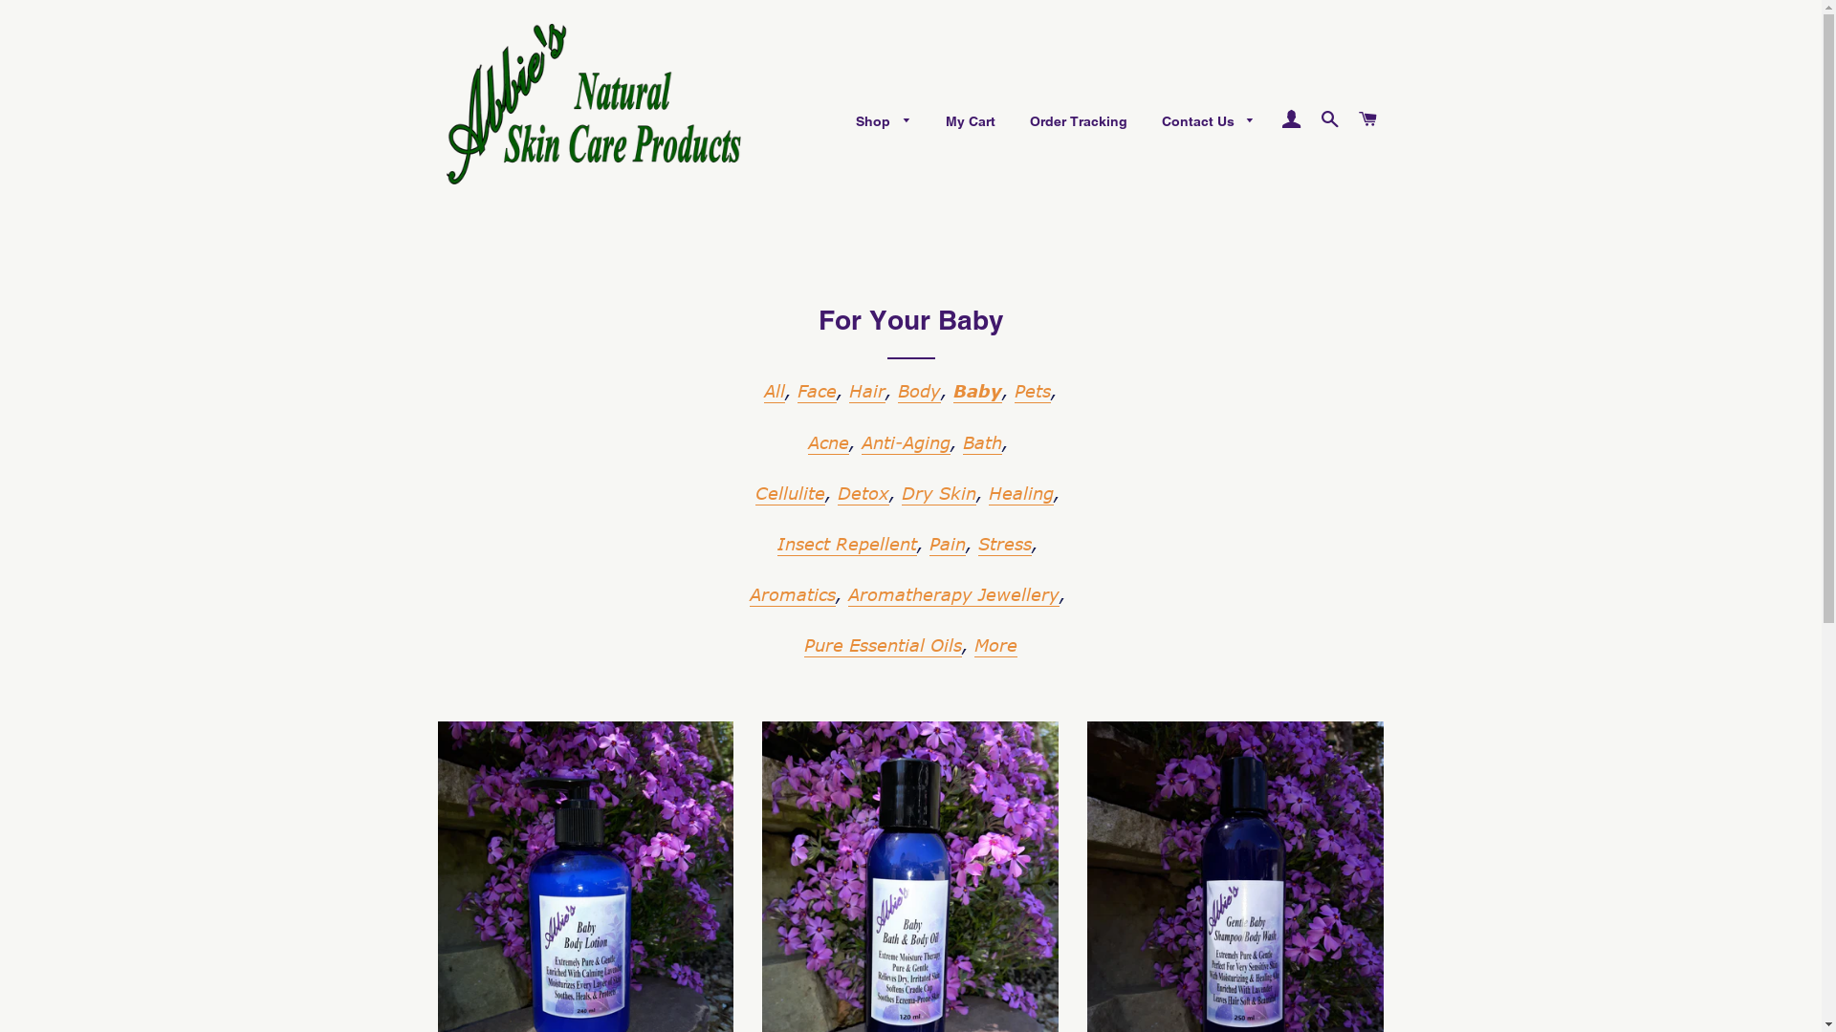 Image resolution: width=1836 pixels, height=1032 pixels. I want to click on 'Pure Essential Oils', so click(882, 645).